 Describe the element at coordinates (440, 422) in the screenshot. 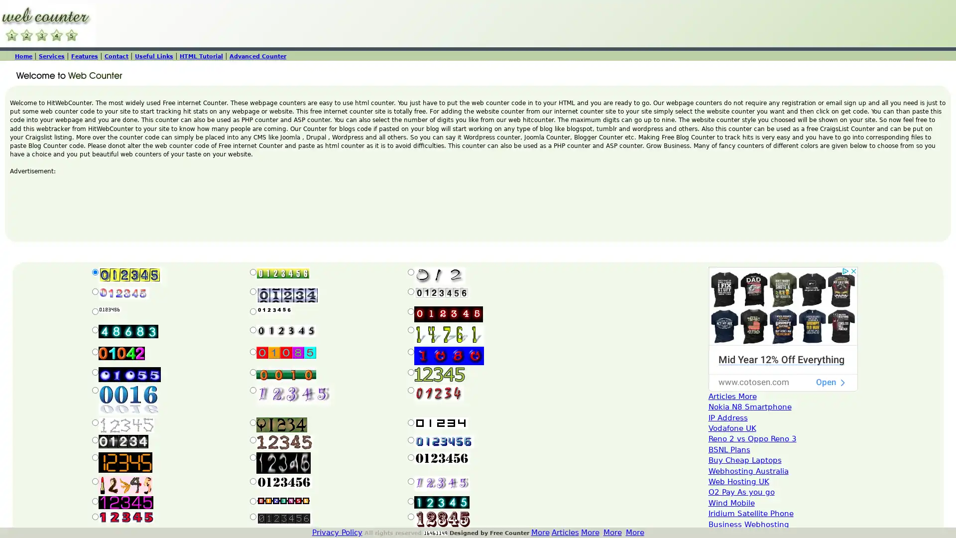

I see `Submit` at that location.